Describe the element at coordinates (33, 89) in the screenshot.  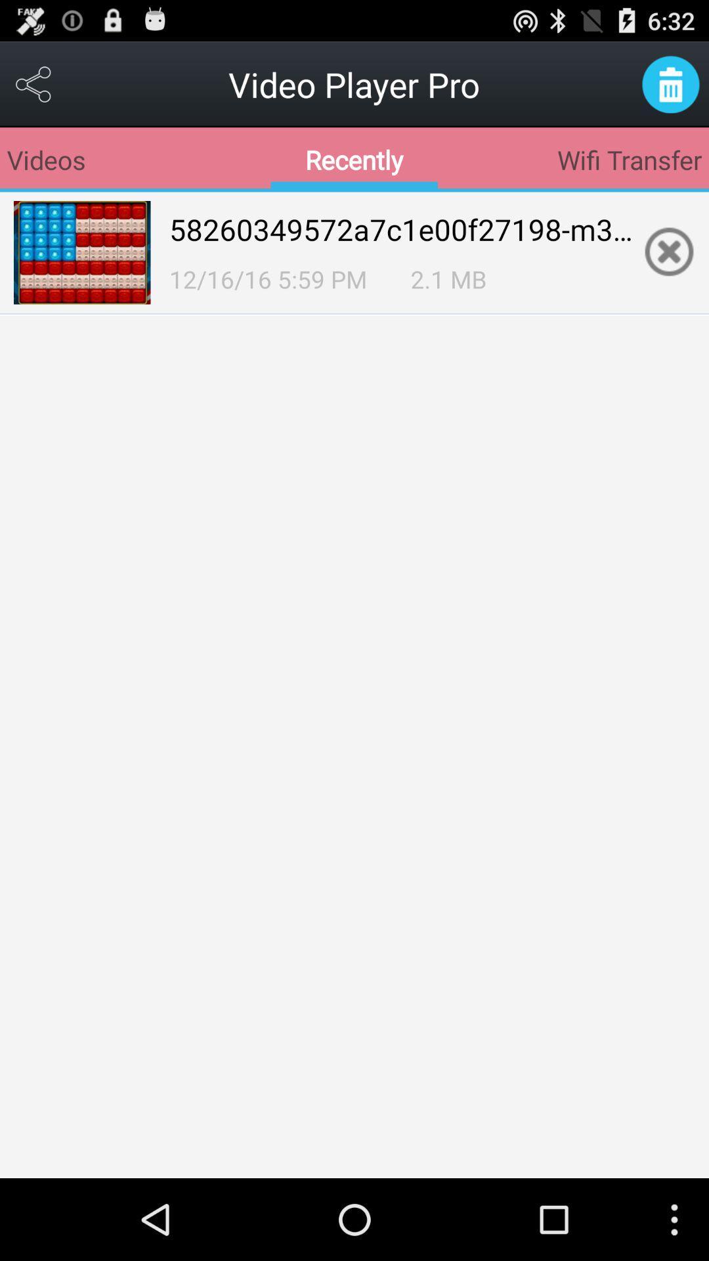
I see `the share icon` at that location.